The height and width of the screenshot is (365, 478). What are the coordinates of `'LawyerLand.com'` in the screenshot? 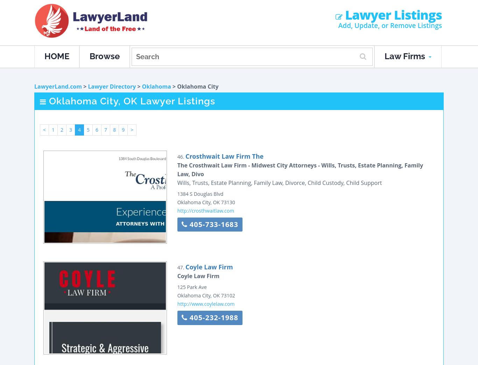 It's located at (57, 86).